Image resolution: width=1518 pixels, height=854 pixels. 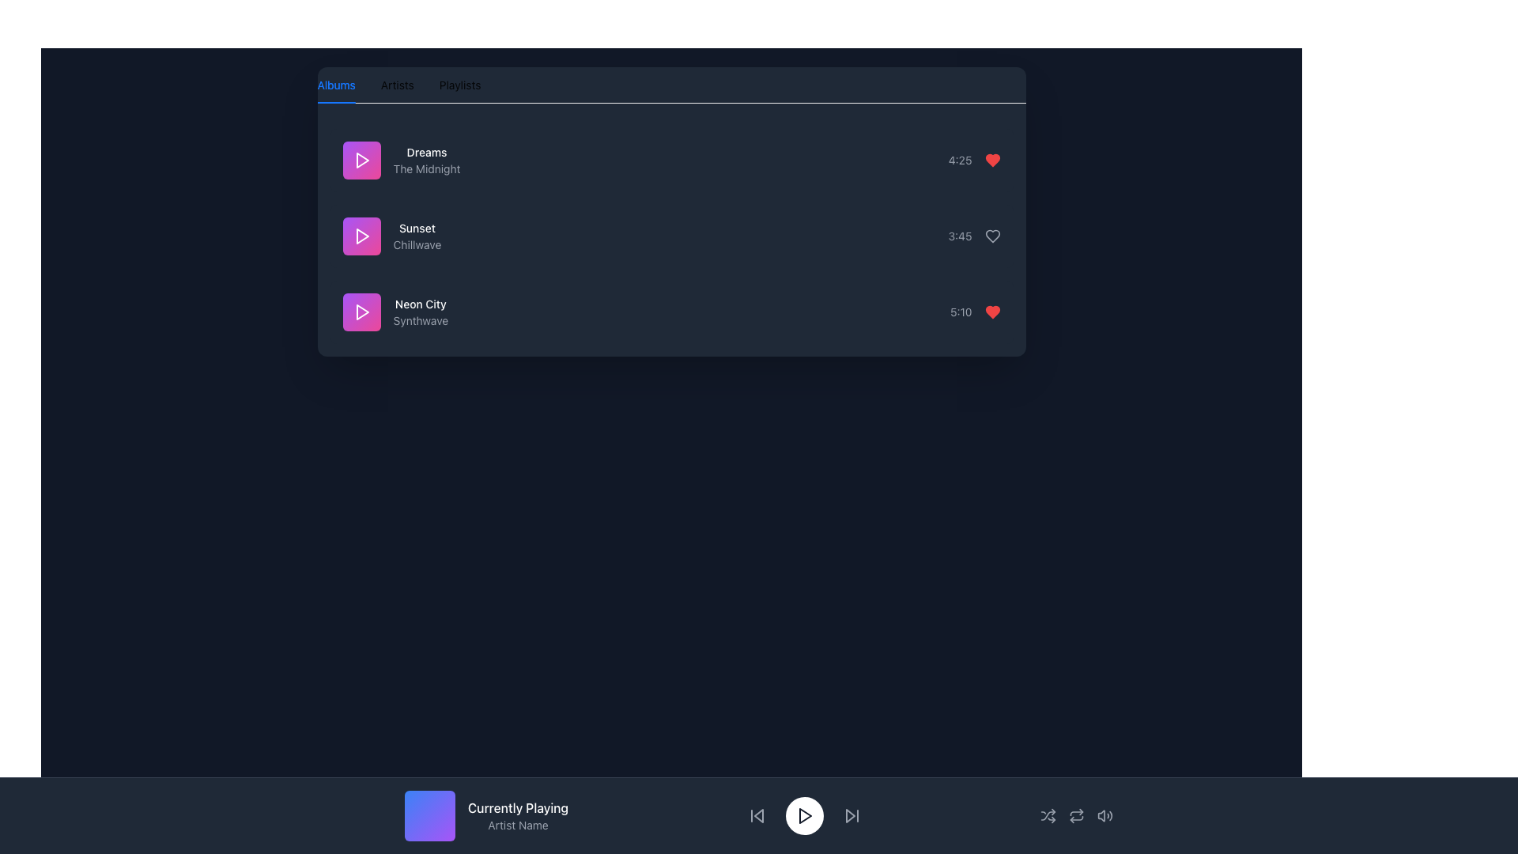 What do you see at coordinates (427, 168) in the screenshot?
I see `the text label displaying the artist name for the song 'Dreams', located directly under the 'Dreams' text in the first row of the Albums tab list` at bounding box center [427, 168].